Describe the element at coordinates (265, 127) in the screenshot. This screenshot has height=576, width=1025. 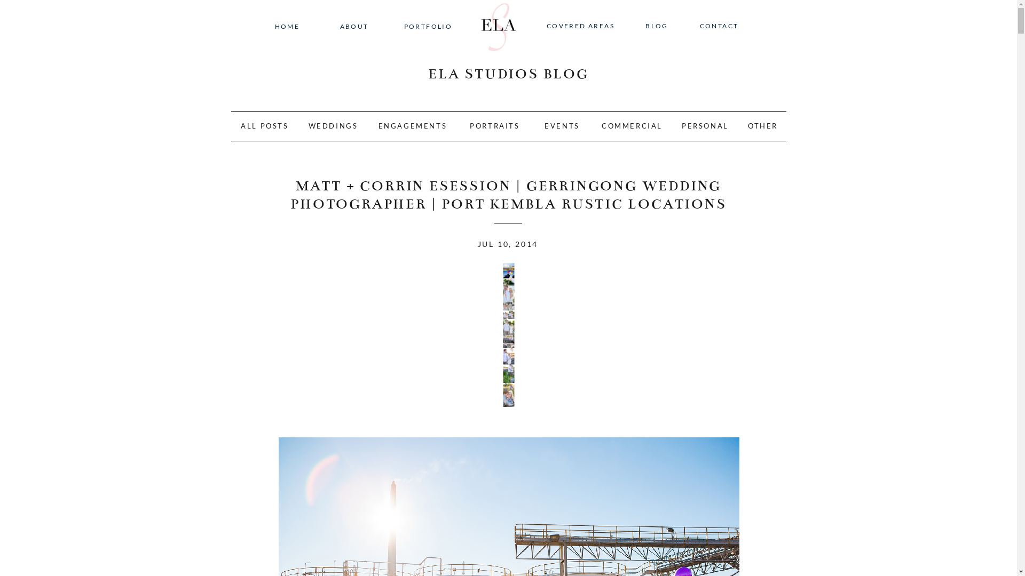
I see `'ALL POSTS'` at that location.